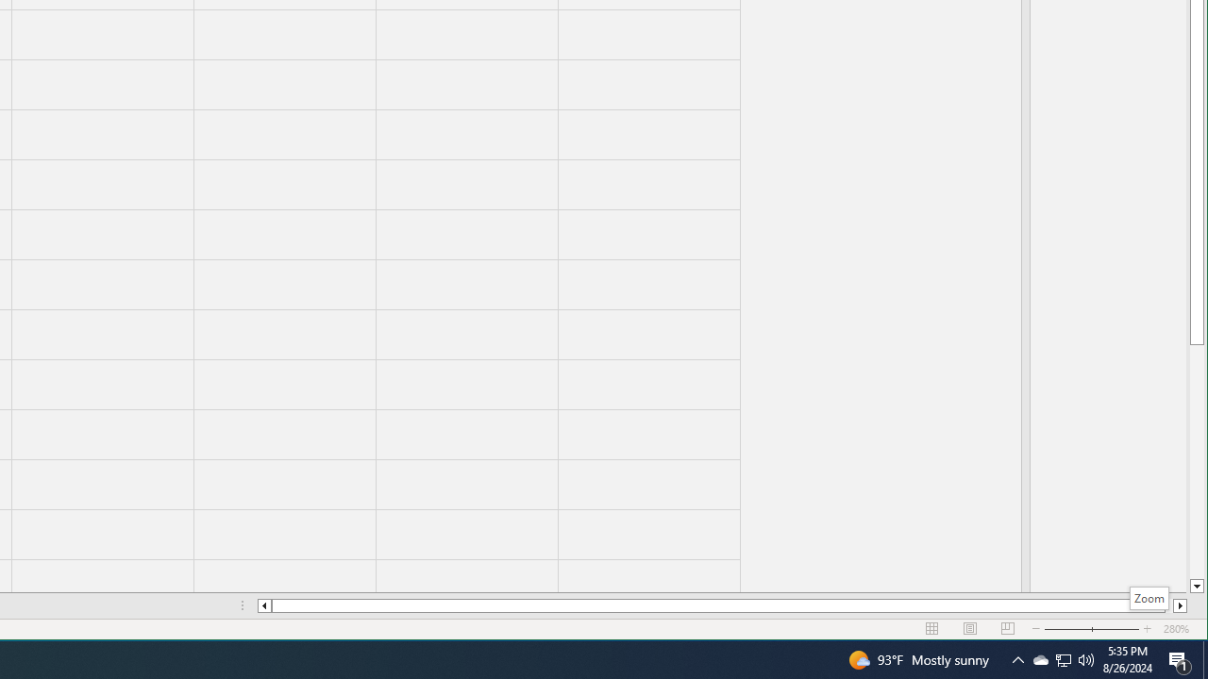  What do you see at coordinates (1147, 629) in the screenshot?
I see `'Zoom In'` at bounding box center [1147, 629].